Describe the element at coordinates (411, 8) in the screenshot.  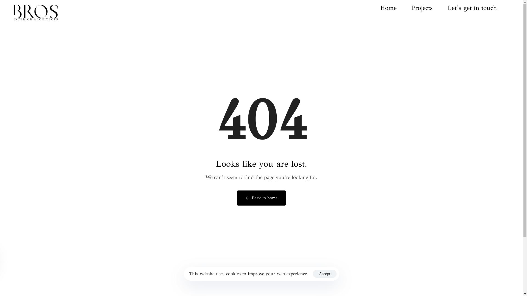
I see `'Projects'` at that location.